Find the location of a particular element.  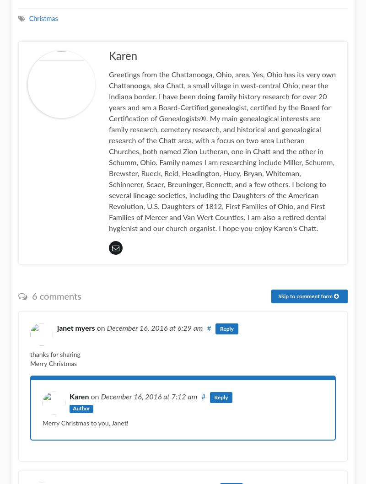

'Author' is located at coordinates (81, 408).